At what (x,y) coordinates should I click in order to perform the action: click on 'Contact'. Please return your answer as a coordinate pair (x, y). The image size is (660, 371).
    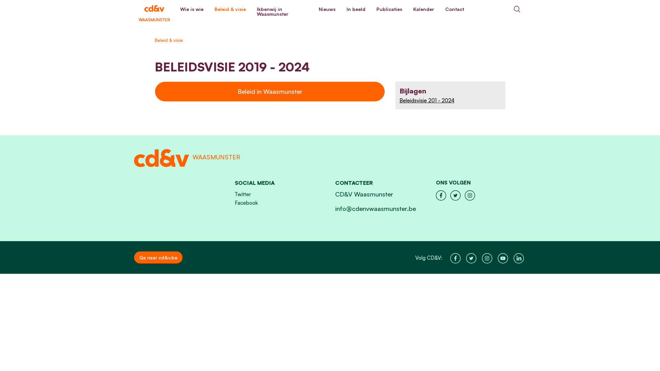
    Looking at the image, I should click on (454, 9).